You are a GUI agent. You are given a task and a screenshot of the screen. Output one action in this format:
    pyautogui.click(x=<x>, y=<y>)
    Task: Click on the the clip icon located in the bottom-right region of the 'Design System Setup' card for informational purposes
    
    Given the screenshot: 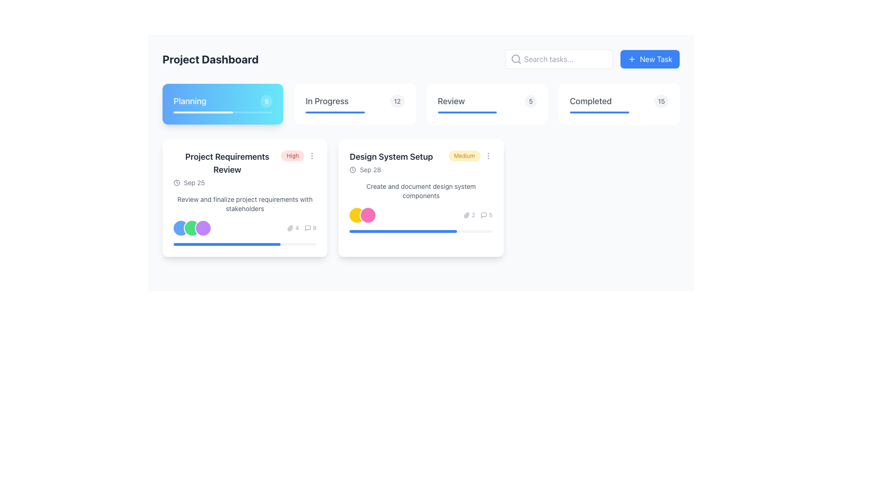 What is the action you would take?
    pyautogui.click(x=466, y=215)
    